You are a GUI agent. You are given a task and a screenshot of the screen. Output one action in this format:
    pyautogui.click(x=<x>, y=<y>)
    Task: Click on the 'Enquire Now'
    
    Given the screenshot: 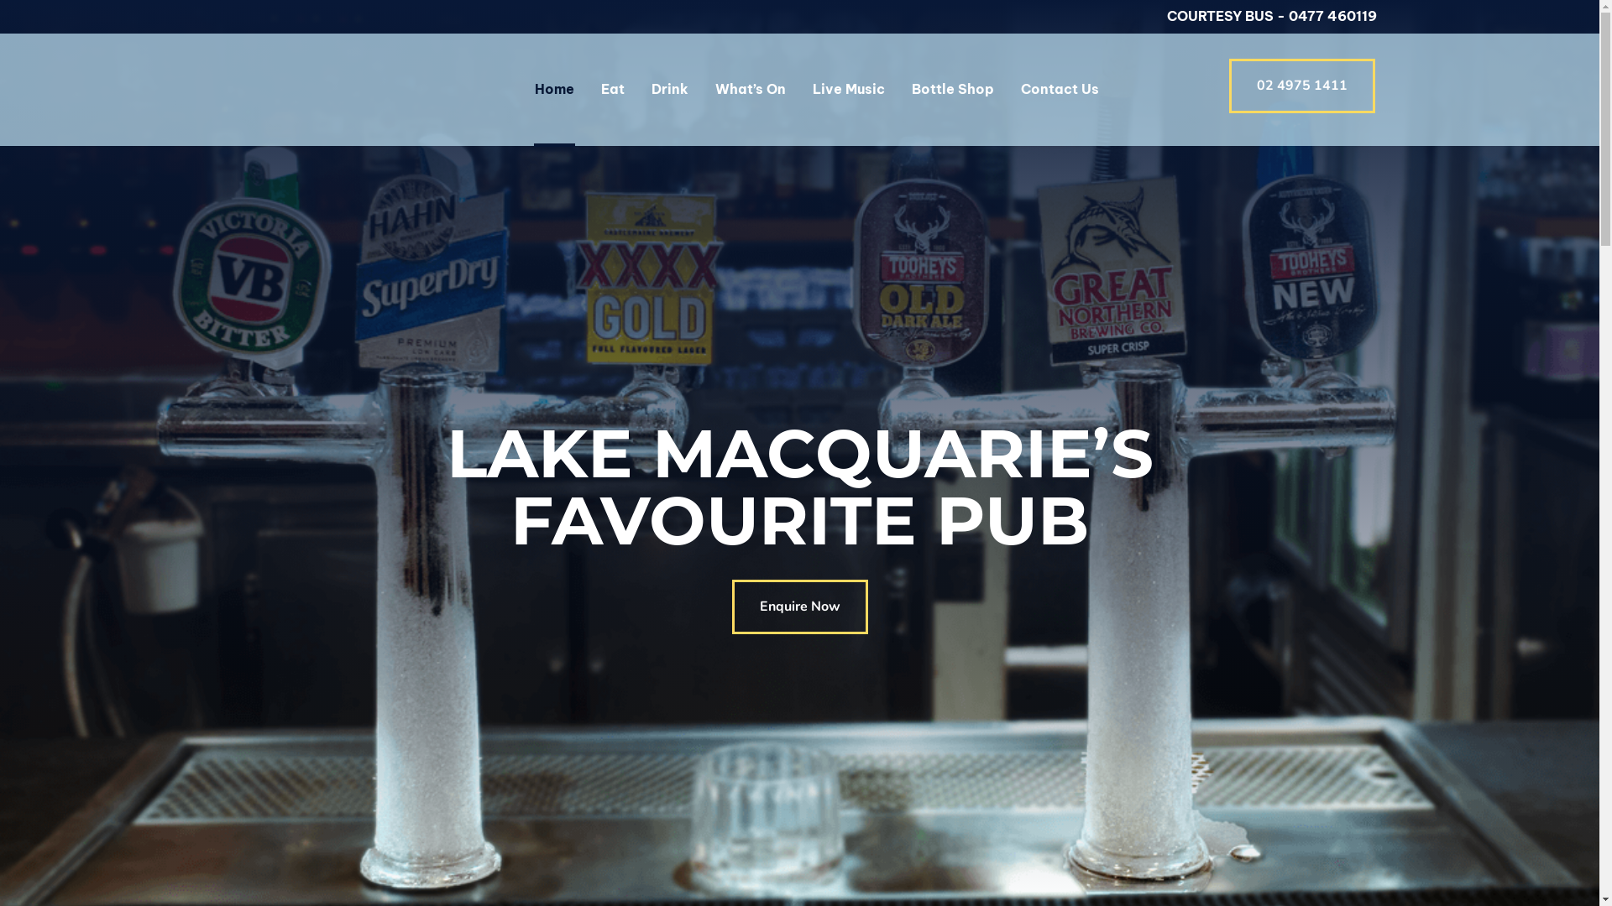 What is the action you would take?
    pyautogui.click(x=799, y=607)
    